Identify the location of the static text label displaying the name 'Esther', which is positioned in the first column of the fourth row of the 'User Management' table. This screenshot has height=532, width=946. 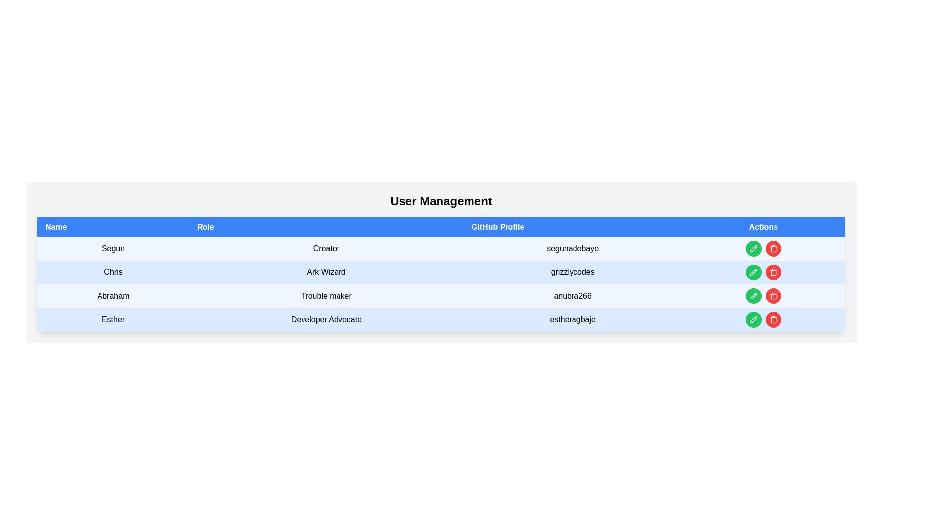
(113, 319).